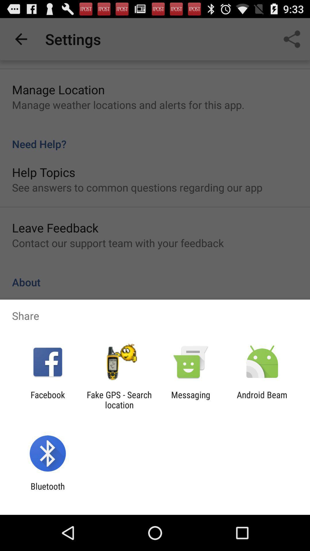 The image size is (310, 551). Describe the element at coordinates (191, 399) in the screenshot. I see `the messaging app` at that location.